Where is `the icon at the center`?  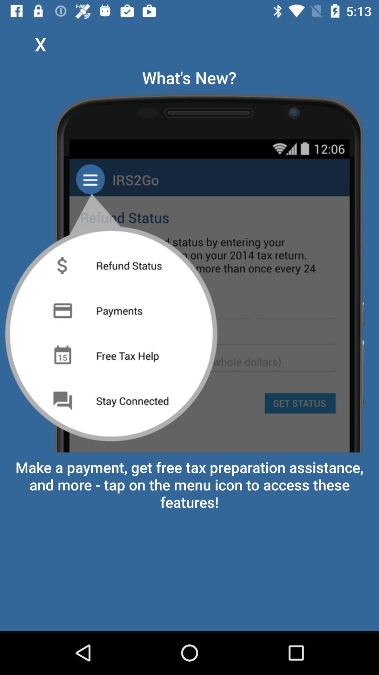 the icon at the center is located at coordinates (189, 270).